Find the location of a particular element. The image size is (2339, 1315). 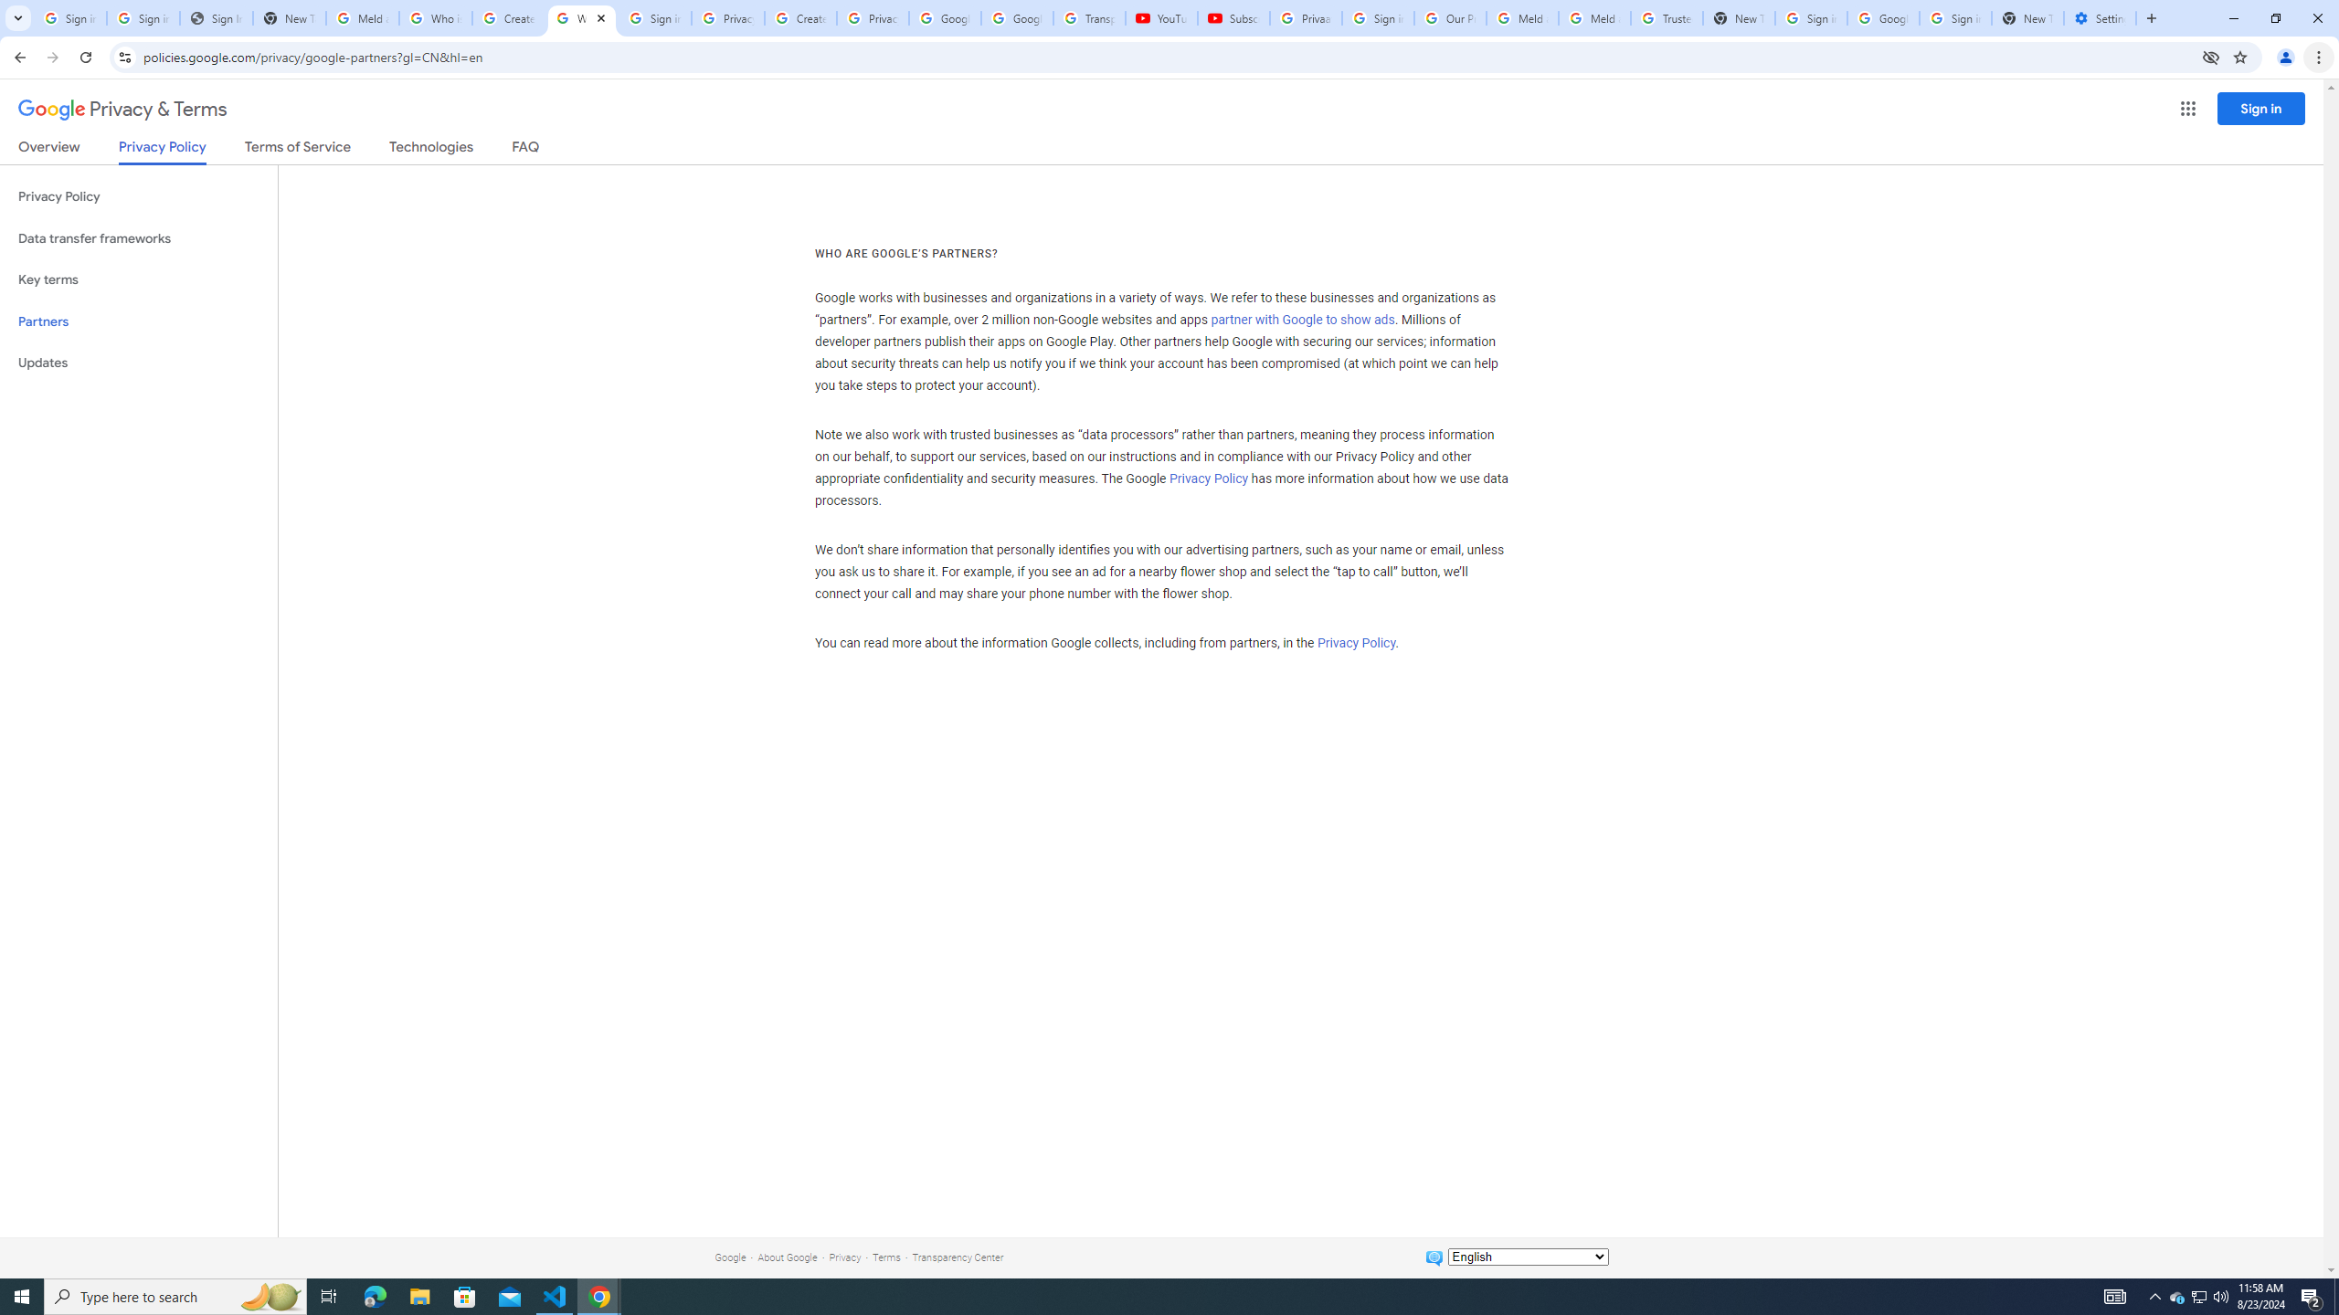

'Sign In - USA TODAY' is located at coordinates (216, 17).